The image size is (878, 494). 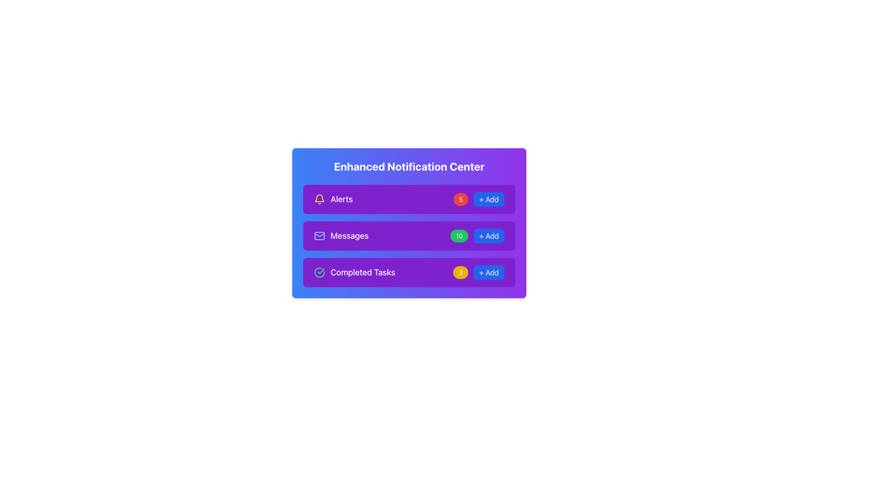 I want to click on the envelope icon that represents 'Messages', which is characterized by a light blue stroke and a simplistic design, positioned to the left of the text 'Messages', so click(x=320, y=236).